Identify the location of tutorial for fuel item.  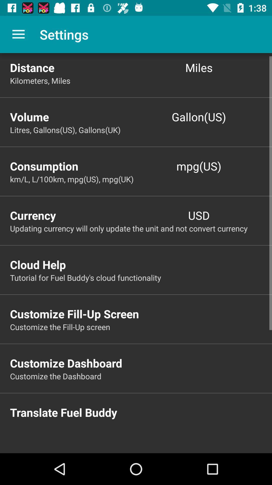
(141, 277).